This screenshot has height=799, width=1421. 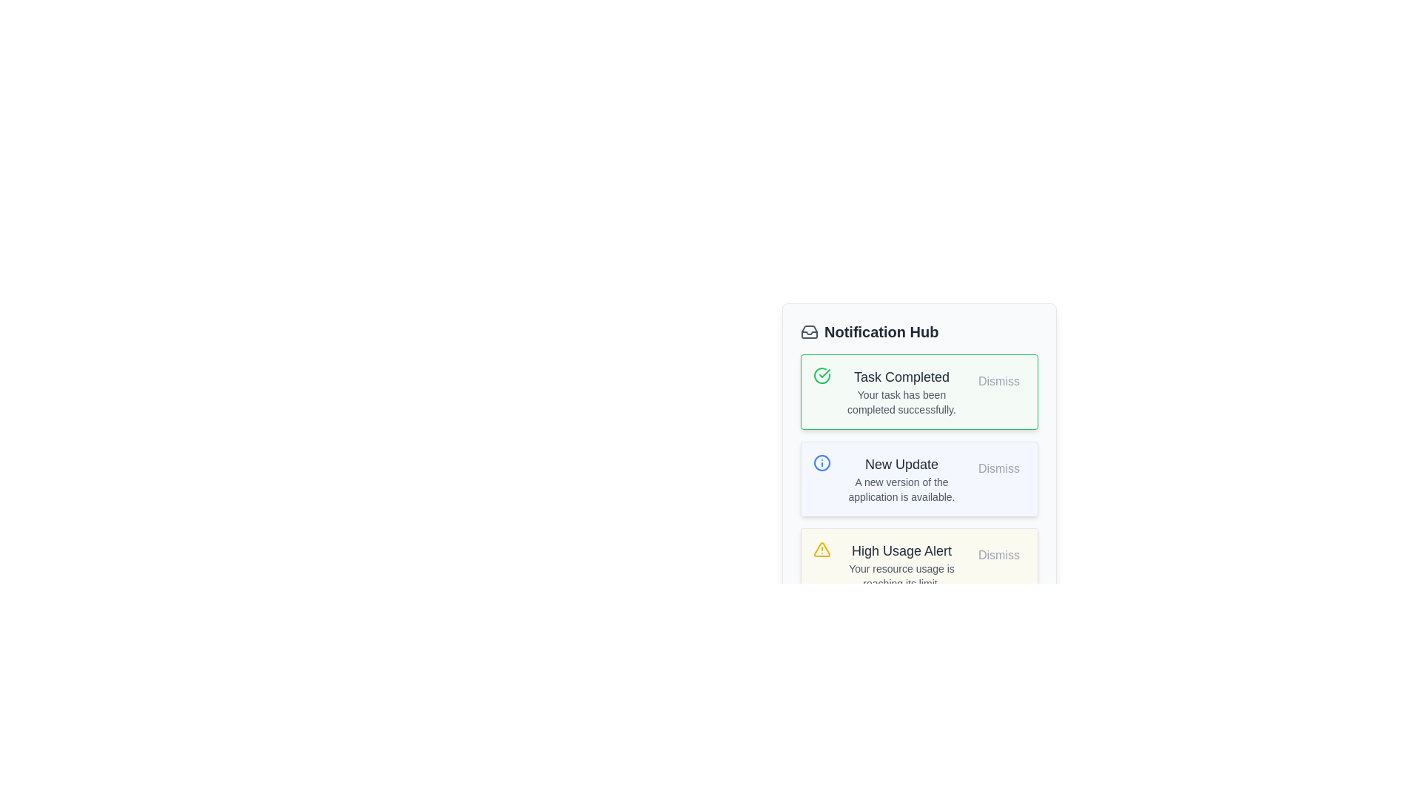 I want to click on the blue circular icon with an outer ring and internal components (a vertical line and a dot) located at the leftmost side of the 'New Update' notification box for informational purposes, so click(x=821, y=462).